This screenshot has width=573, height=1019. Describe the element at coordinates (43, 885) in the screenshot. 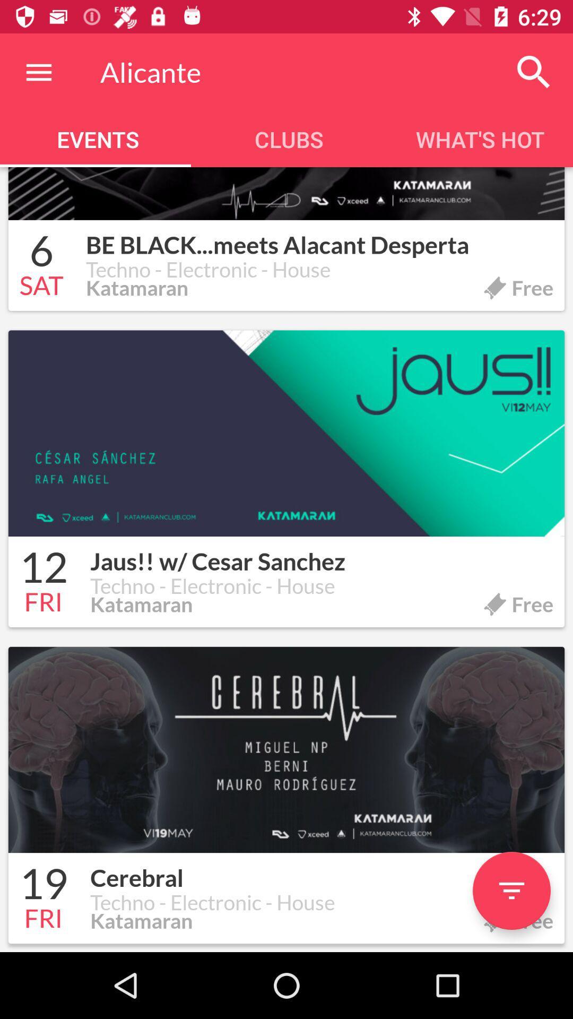

I see `the 19` at that location.